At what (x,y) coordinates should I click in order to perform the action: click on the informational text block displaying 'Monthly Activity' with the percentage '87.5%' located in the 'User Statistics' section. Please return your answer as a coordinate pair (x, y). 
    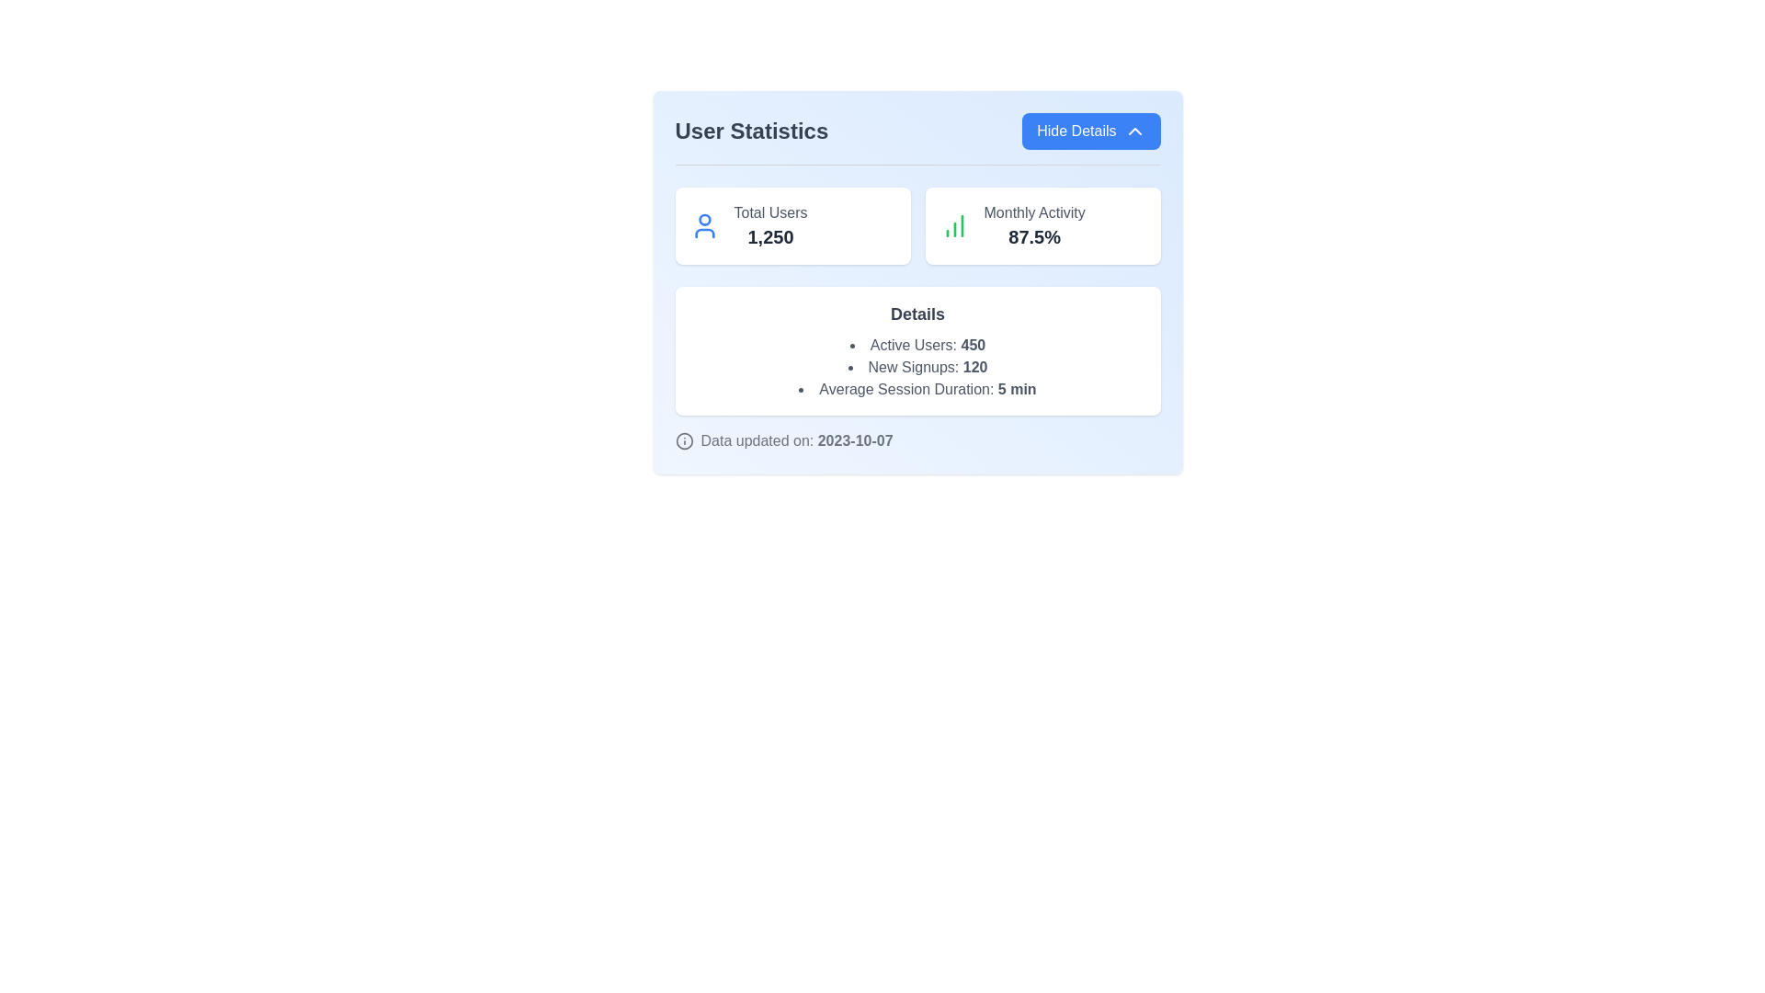
    Looking at the image, I should click on (1034, 225).